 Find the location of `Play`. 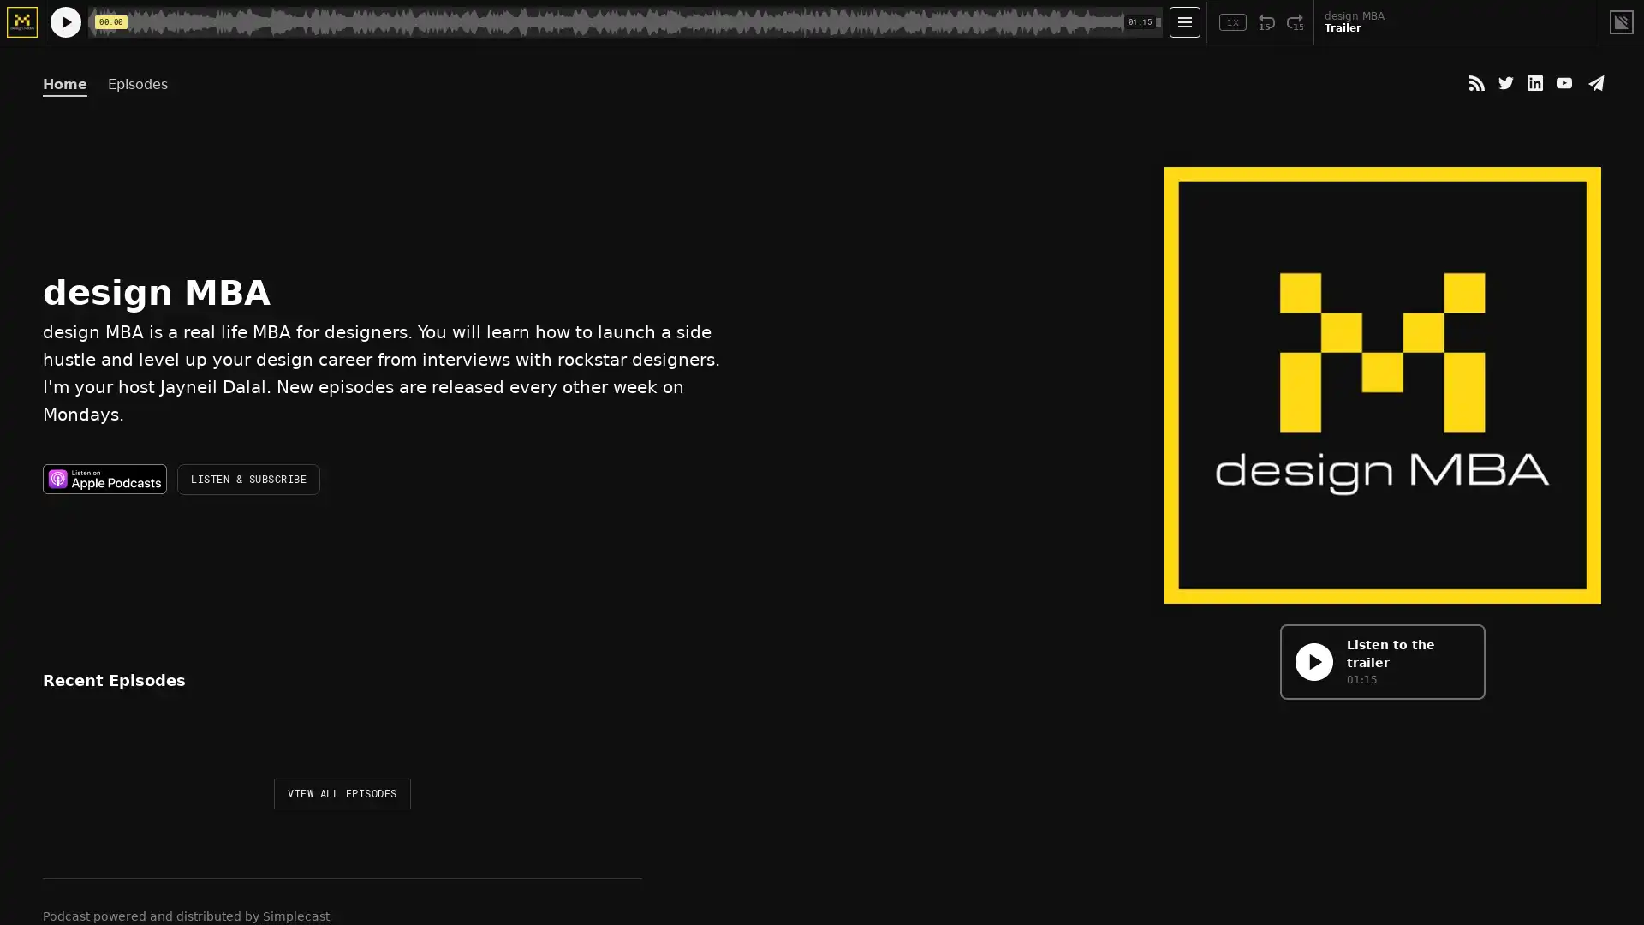

Play is located at coordinates (63, 751).